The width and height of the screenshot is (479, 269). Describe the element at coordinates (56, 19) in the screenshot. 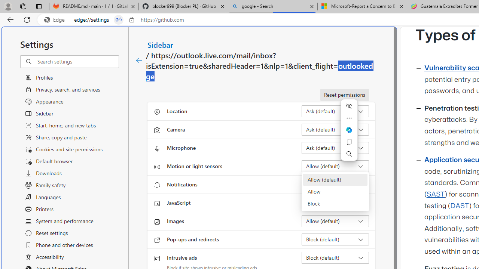

I see `'Edge'` at that location.